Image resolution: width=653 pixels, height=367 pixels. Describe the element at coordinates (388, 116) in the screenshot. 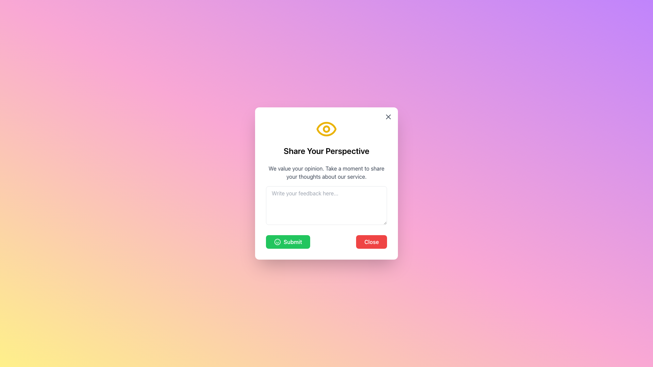

I see `the close button located in the top-right corner of the modal dialog window to change its color` at that location.